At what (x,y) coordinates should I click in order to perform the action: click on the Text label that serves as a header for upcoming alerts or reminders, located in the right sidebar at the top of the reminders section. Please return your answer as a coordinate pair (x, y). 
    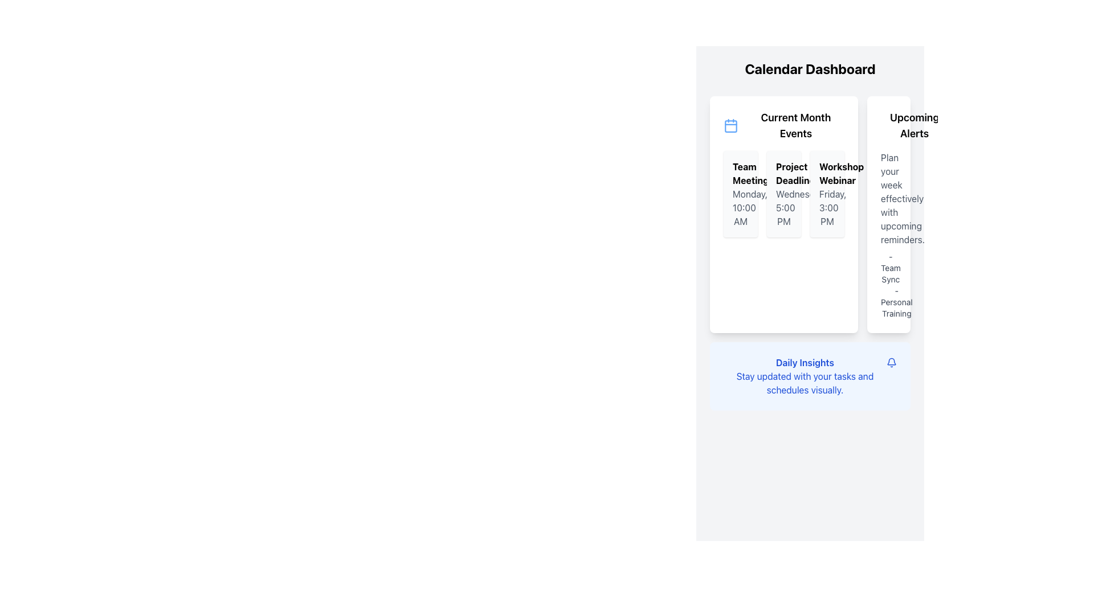
    Looking at the image, I should click on (915, 125).